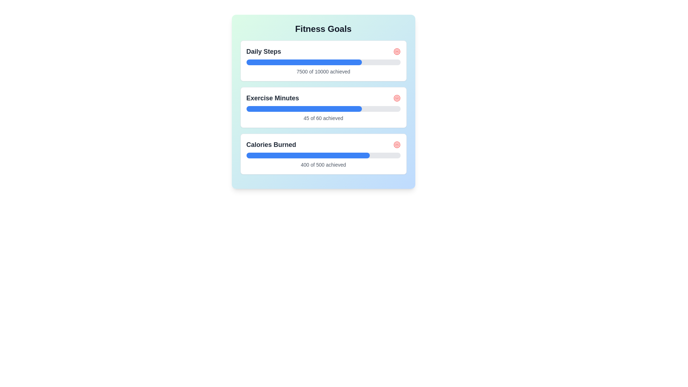  I want to click on the Progress Bar that displays the user's daily step goal within the 'Daily Steps' card, located at the center horizontally and in the upper third of the card, so click(323, 62).